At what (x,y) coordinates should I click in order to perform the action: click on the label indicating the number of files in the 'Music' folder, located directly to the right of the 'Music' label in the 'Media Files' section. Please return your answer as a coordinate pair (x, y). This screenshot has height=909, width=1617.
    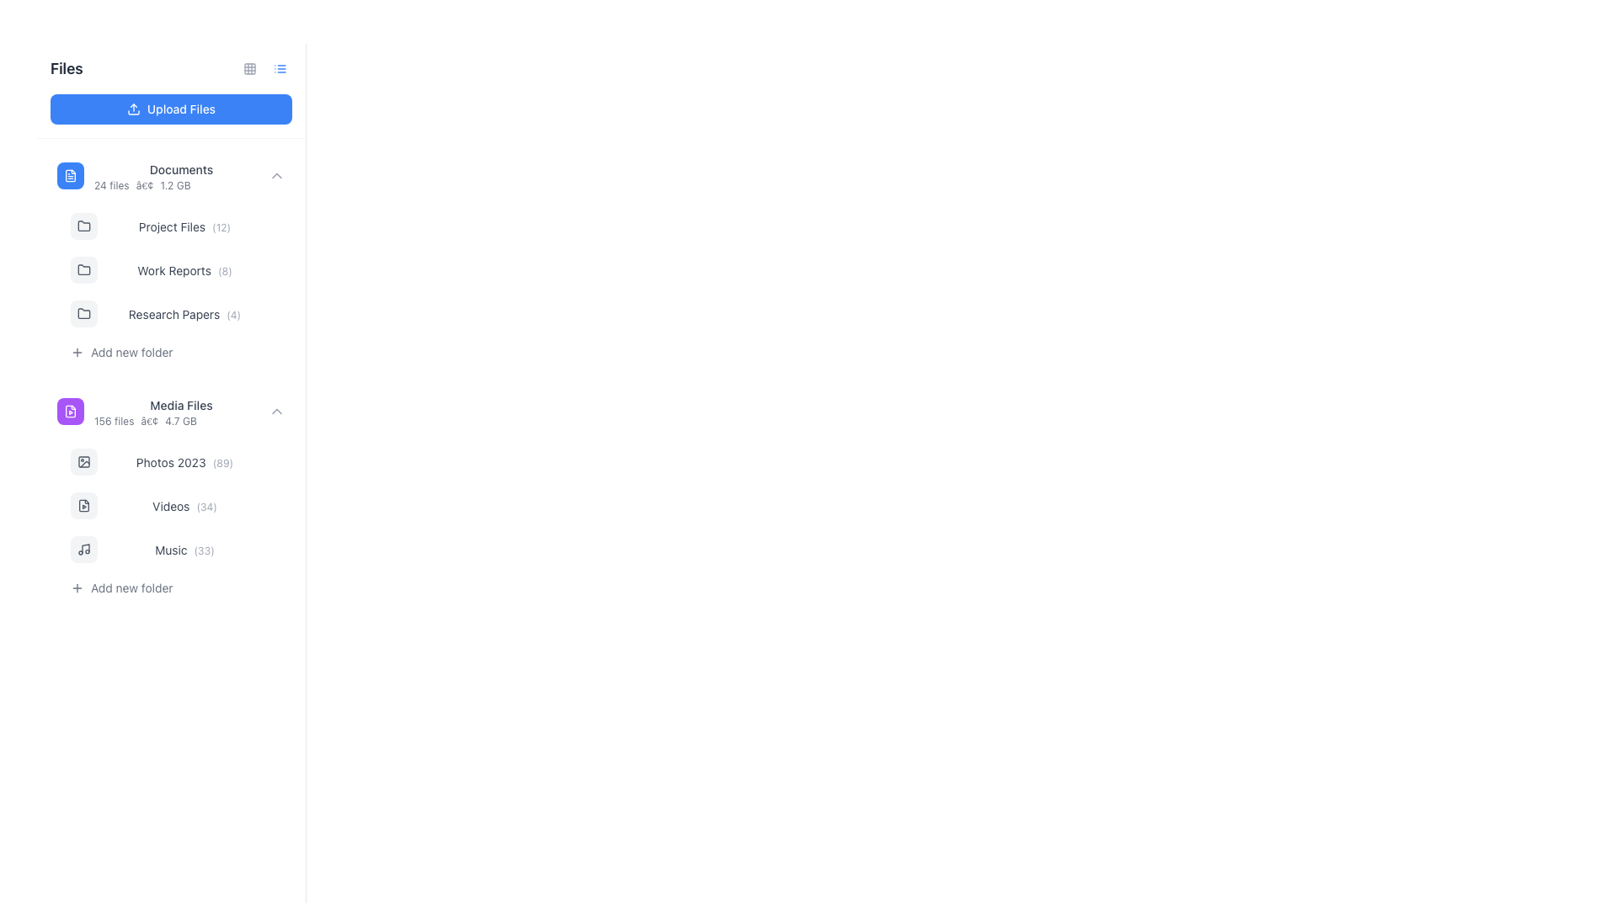
    Looking at the image, I should click on (203, 550).